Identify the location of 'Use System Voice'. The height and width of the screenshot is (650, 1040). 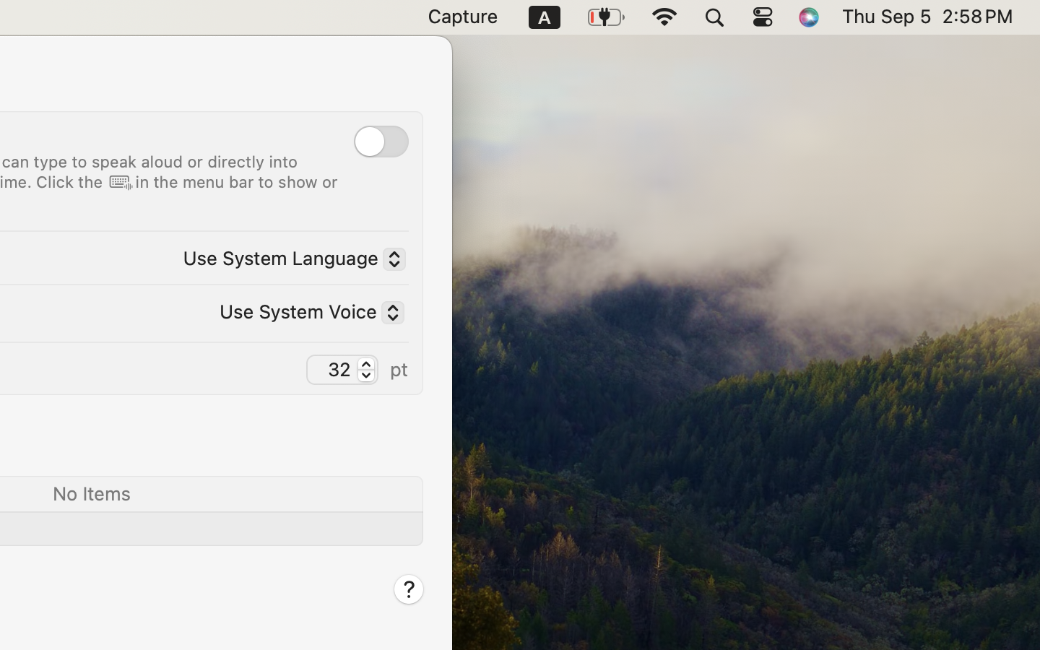
(305, 313).